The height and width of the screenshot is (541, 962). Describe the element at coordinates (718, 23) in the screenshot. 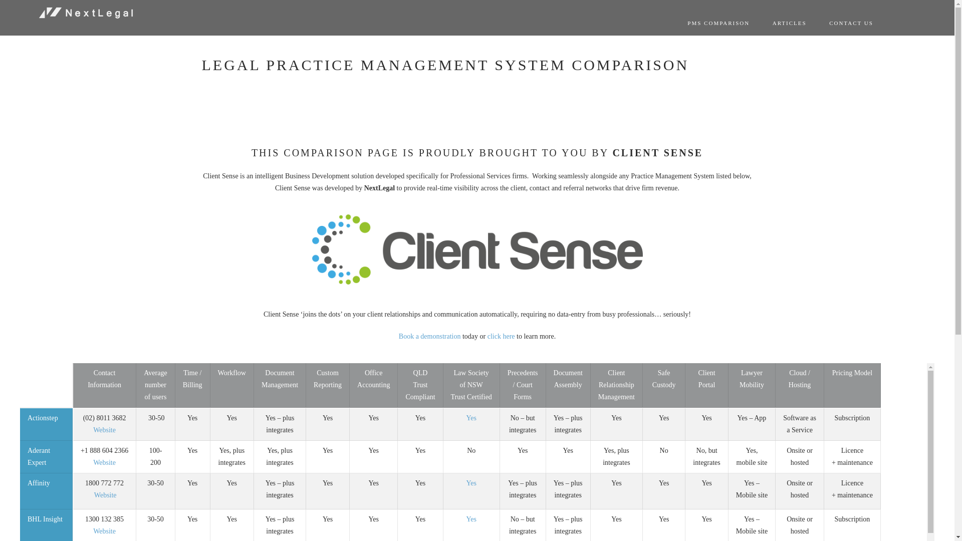

I see `'PMS COMPARISON'` at that location.